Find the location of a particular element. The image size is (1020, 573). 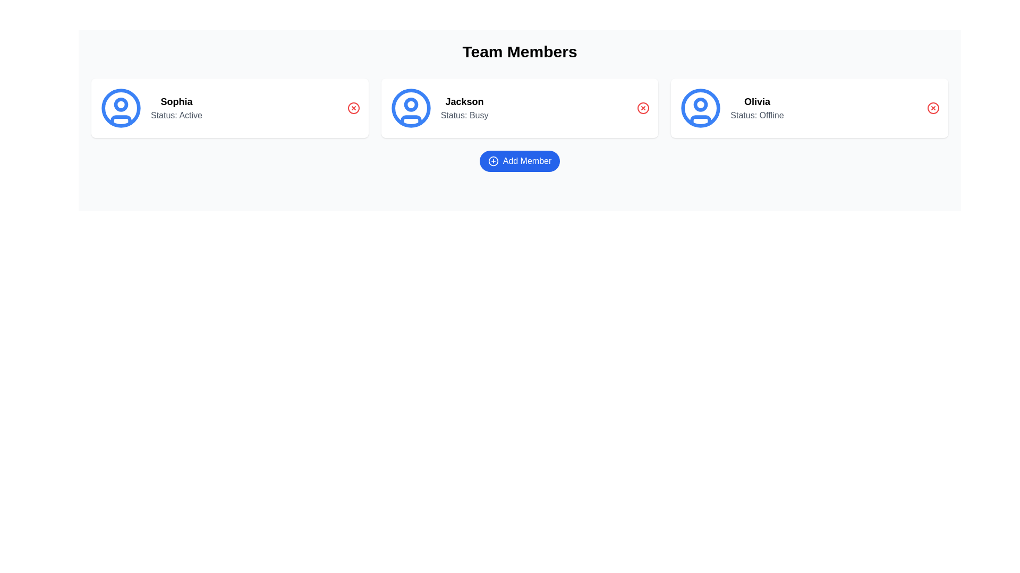

name ('Sophia') and status ('Active') information from the user profile card, which is the first card in a horizontal grid layout is located at coordinates (229, 108).